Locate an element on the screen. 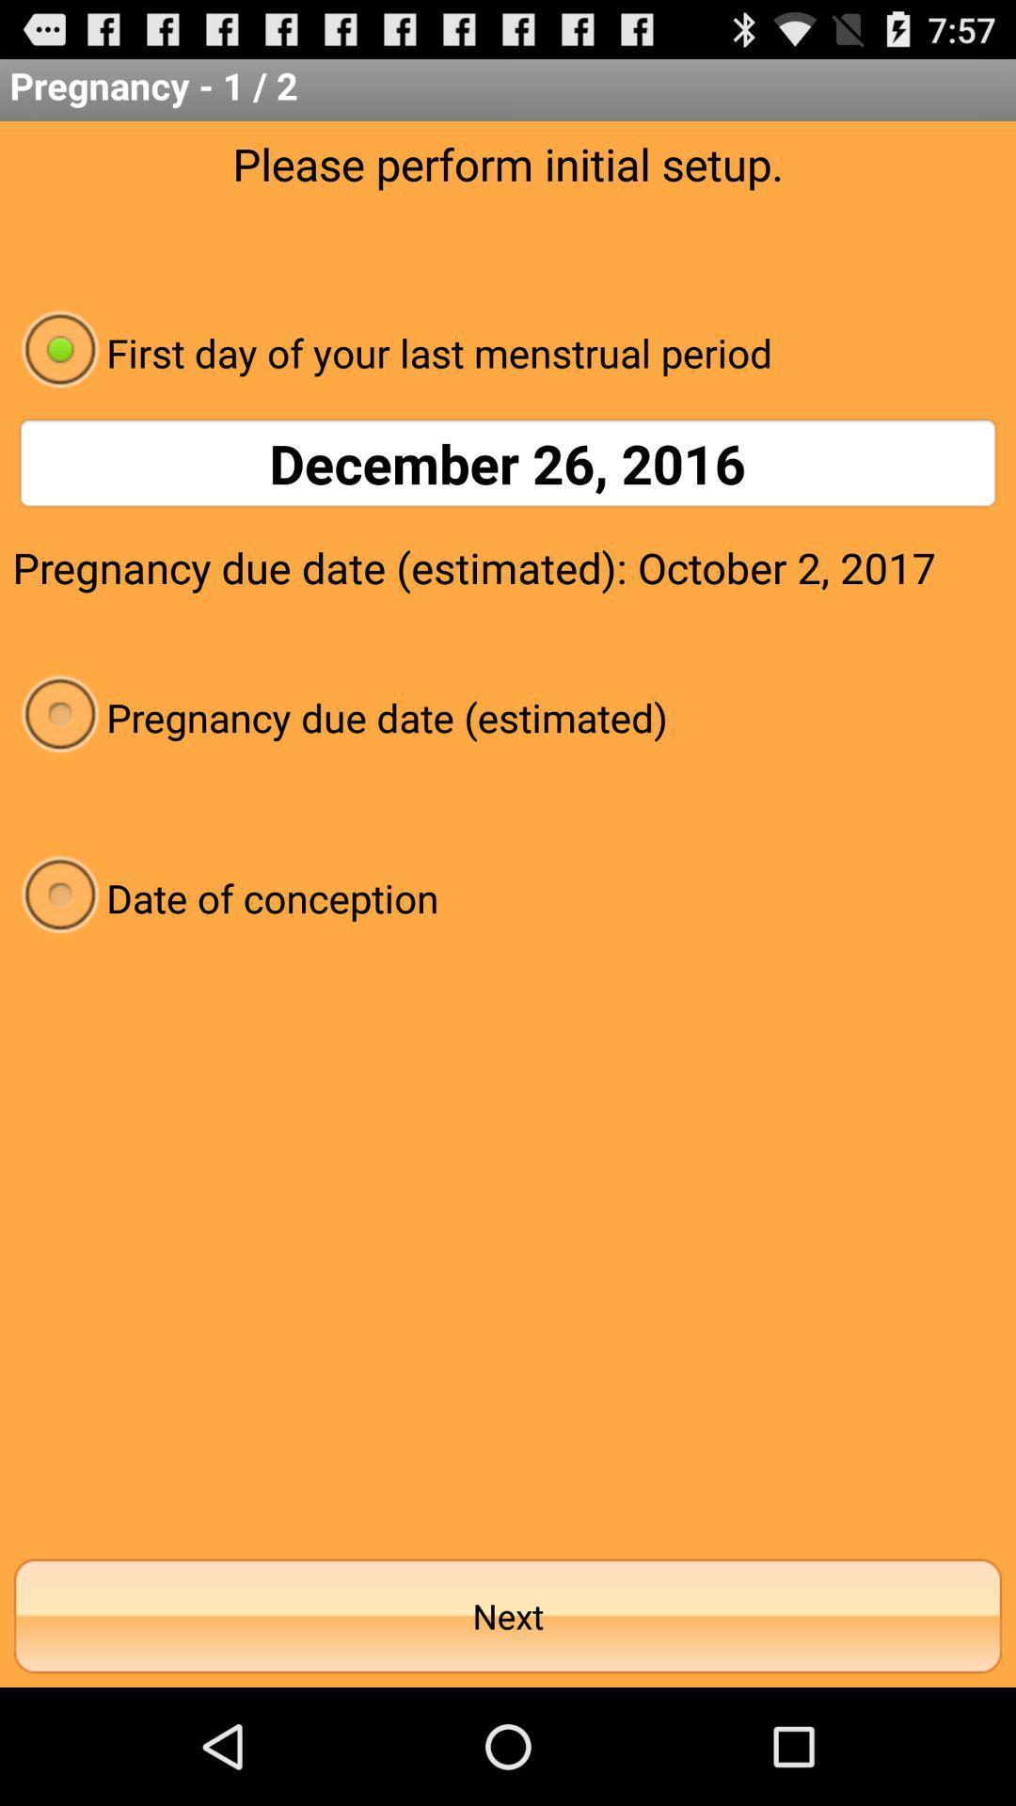  app above the pregnancy due date app is located at coordinates (508, 463).